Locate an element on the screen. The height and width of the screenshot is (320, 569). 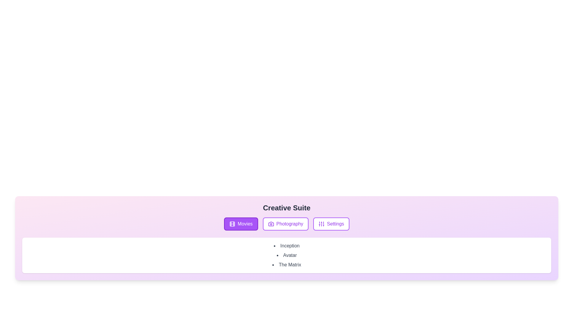
the decorative graphical element within the 'Movies' button by targeting its center point is located at coordinates (232, 224).